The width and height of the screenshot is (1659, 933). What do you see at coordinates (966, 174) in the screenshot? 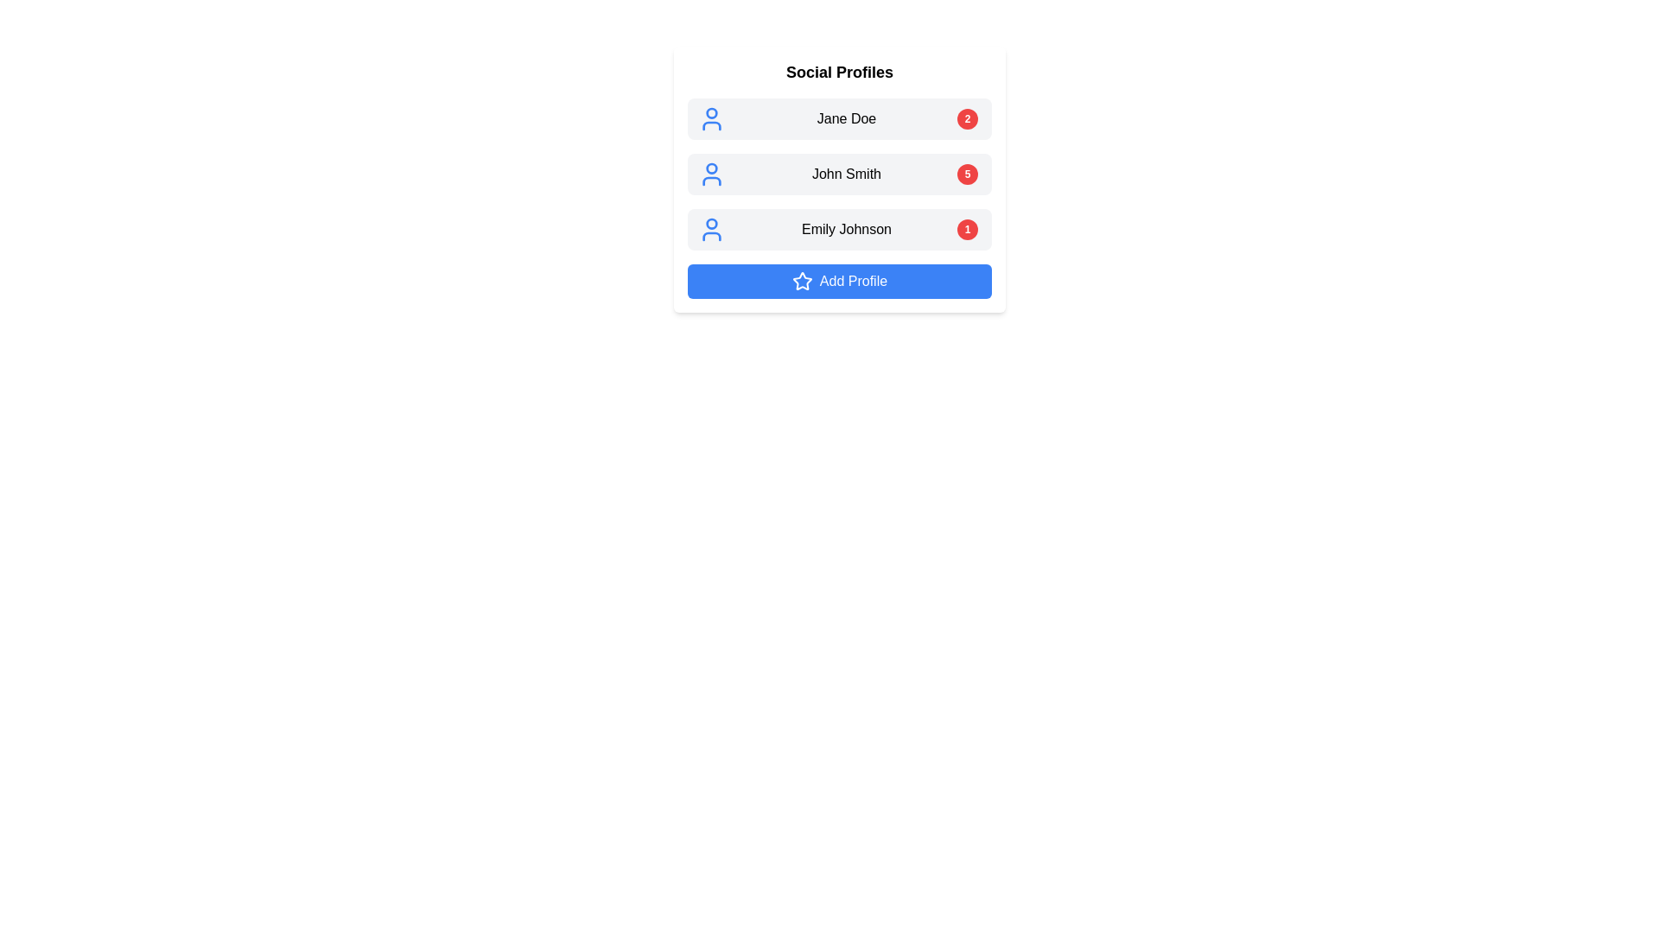
I see `the displayed number on the Badge associated with the 'John Smith' entry, located in the second row, to the right of the text 'John Smith'` at bounding box center [966, 174].